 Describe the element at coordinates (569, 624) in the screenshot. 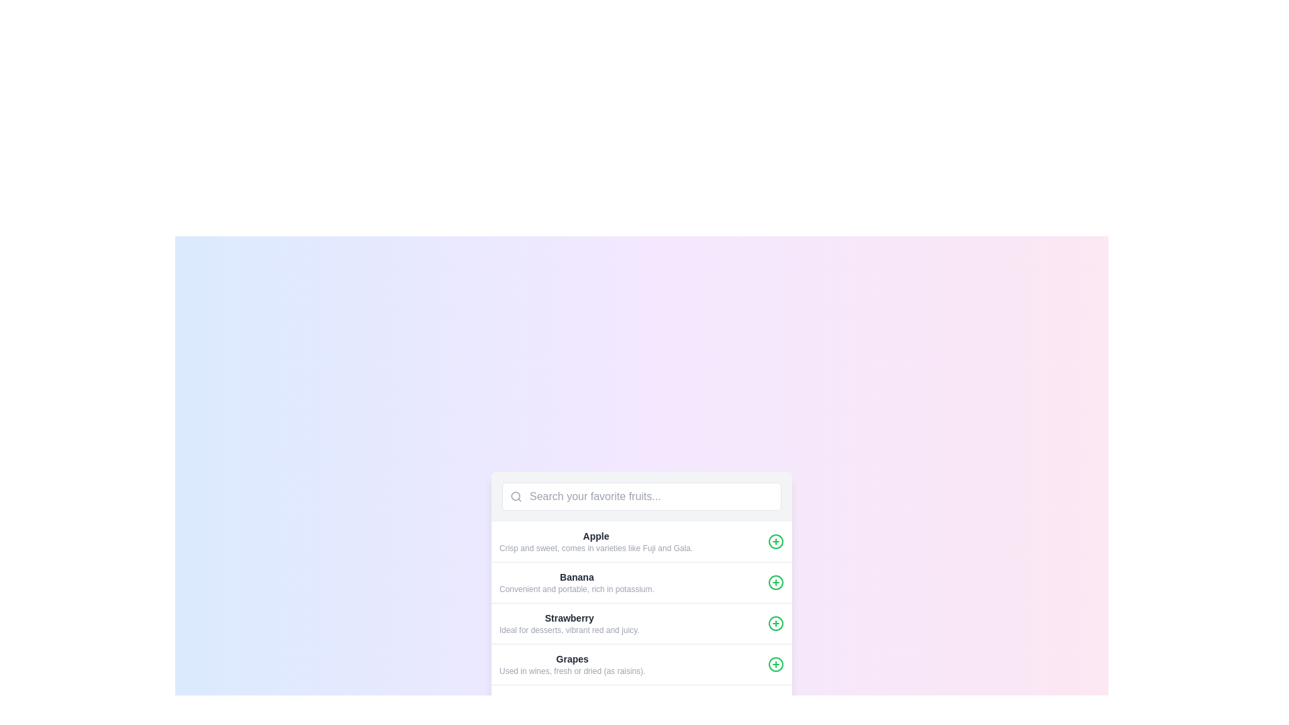

I see `the 'Strawberry' entry in the fruit selection list, which is the third item located between 'Banana' and 'Grapes'` at that location.